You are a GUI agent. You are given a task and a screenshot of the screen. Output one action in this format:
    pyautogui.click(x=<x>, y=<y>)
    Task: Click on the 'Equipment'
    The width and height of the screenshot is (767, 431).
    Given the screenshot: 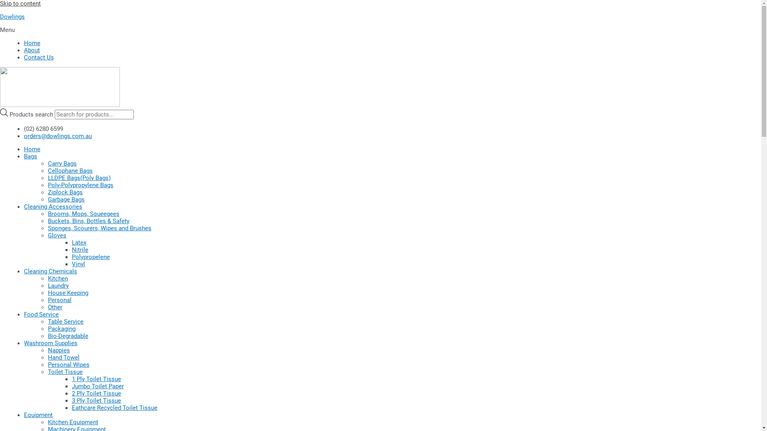 What is the action you would take?
    pyautogui.click(x=38, y=415)
    